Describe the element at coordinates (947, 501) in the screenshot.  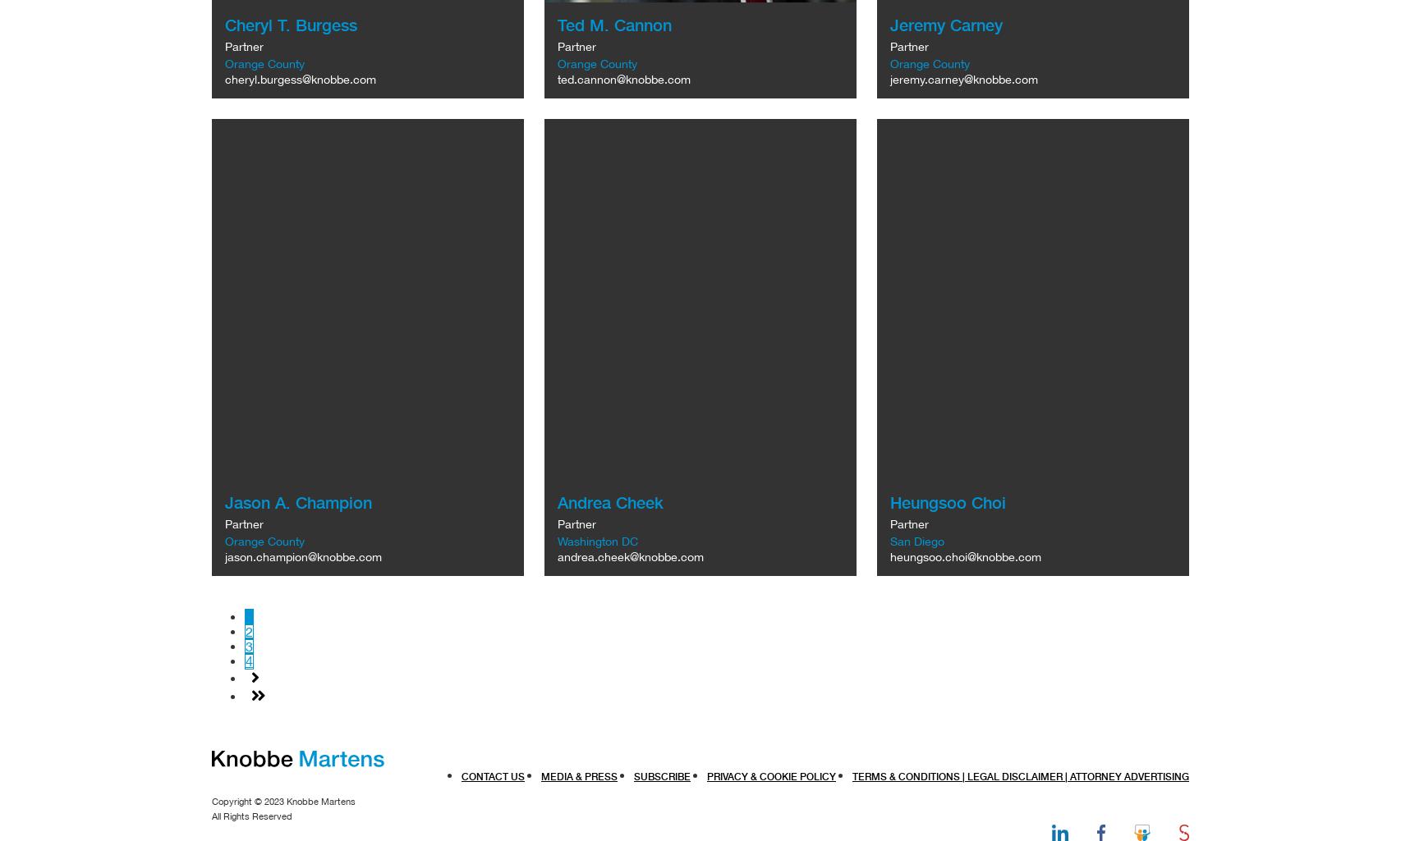
I see `'Heungsoo Choi'` at that location.